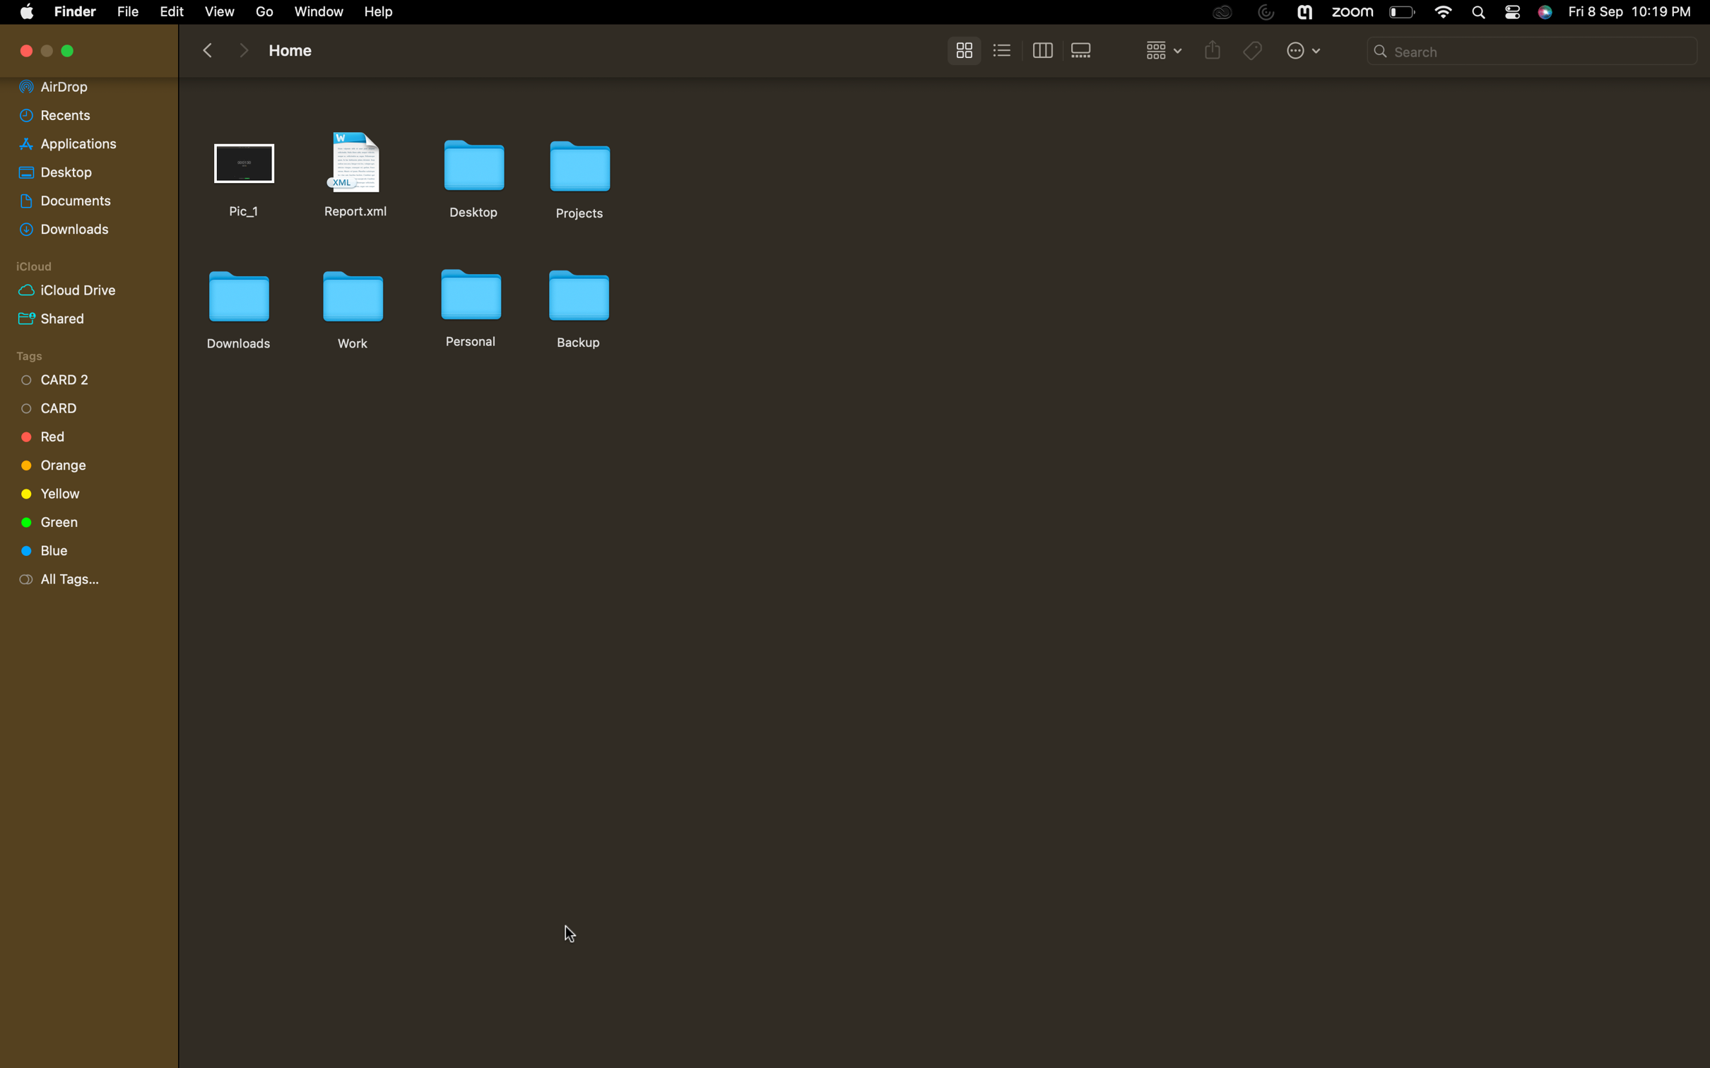  Describe the element at coordinates (83, 197) in the screenshot. I see `the "documents" directory and choose every file present in it` at that location.